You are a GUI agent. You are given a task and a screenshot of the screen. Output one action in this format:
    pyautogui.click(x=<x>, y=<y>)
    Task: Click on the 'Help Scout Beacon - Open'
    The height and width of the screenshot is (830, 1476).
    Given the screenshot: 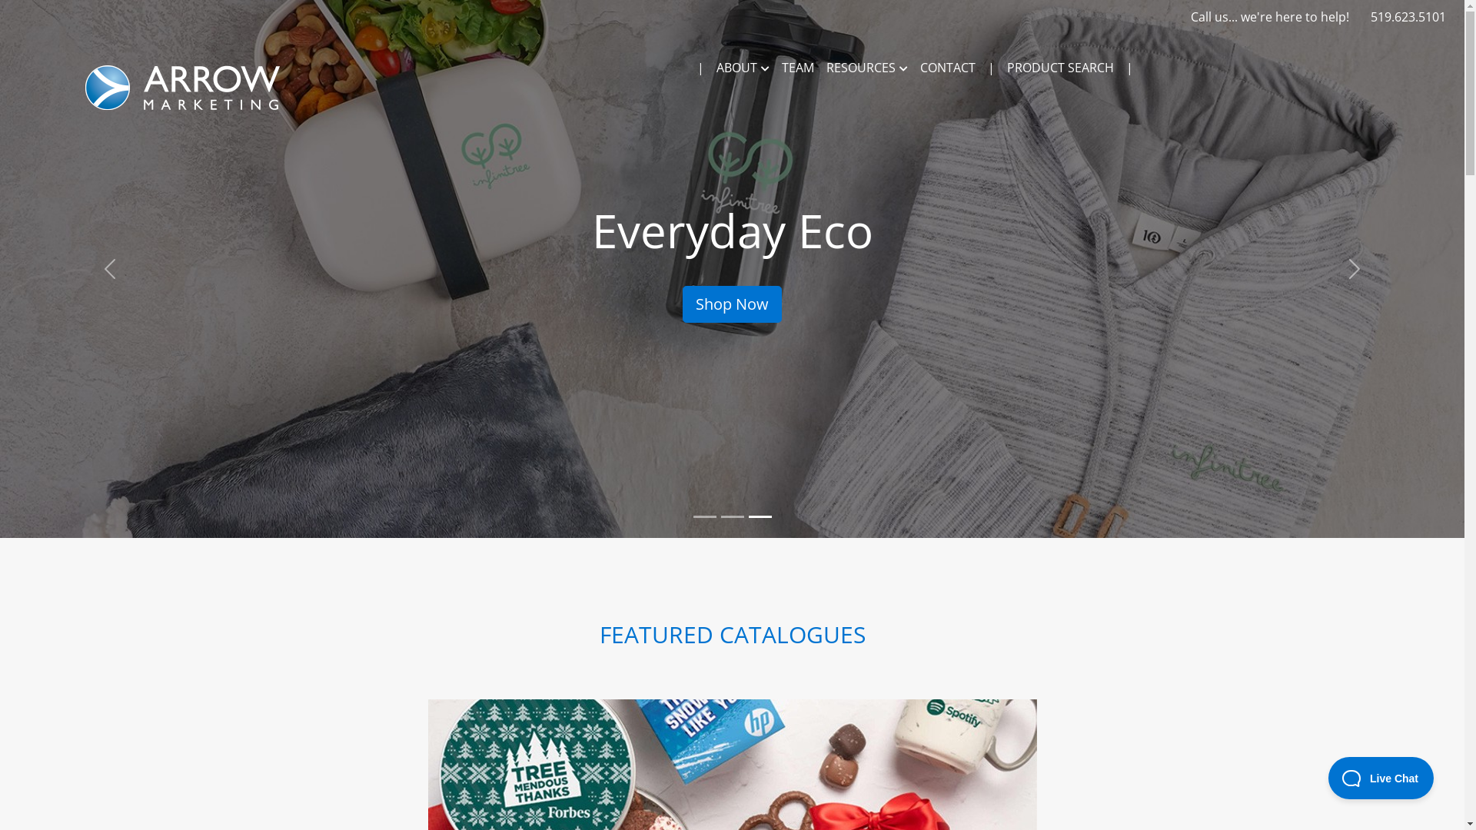 What is the action you would take?
    pyautogui.click(x=1381, y=778)
    